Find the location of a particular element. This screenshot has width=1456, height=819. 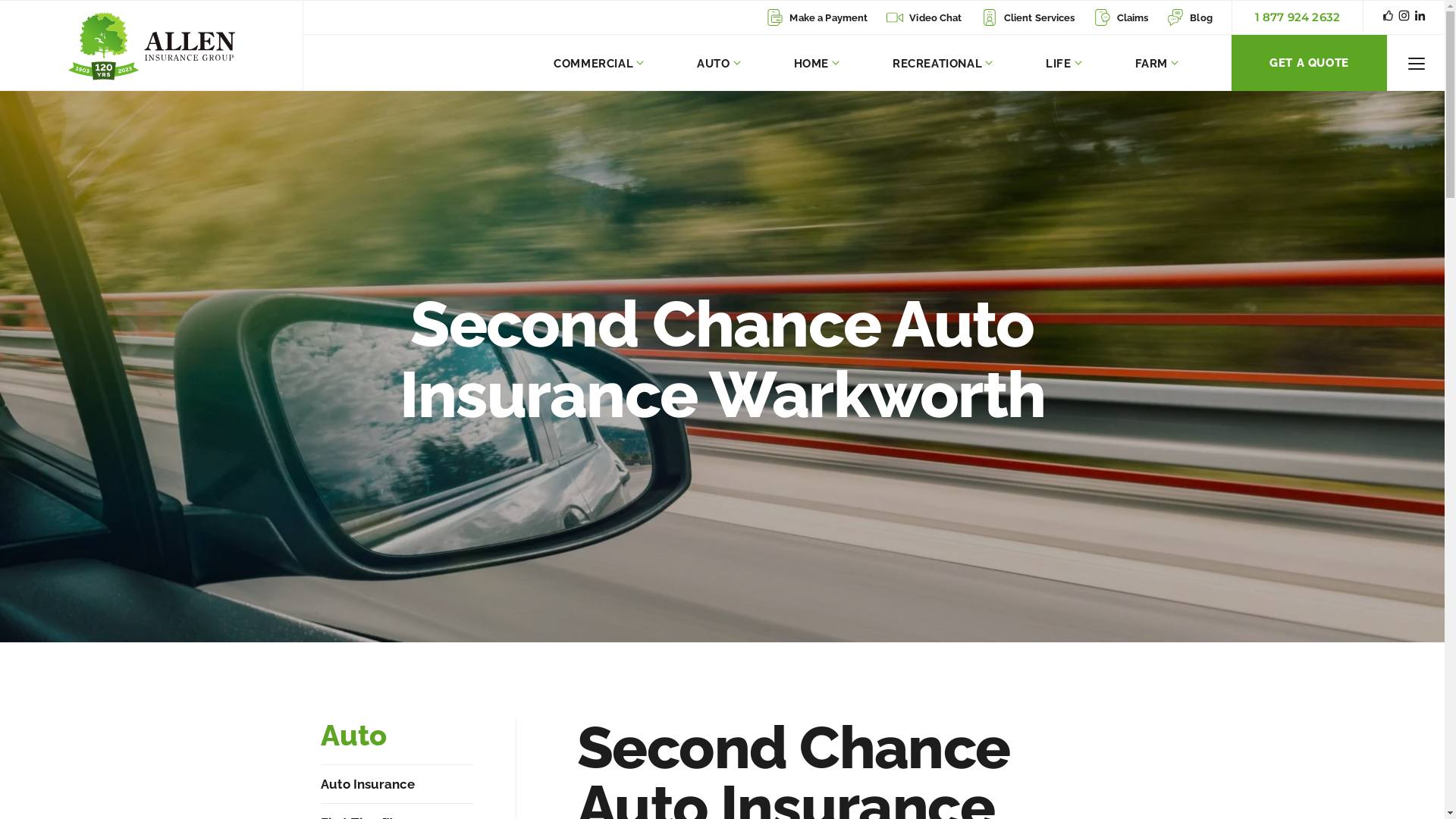

'RECREATIONAL' is located at coordinates (942, 62).